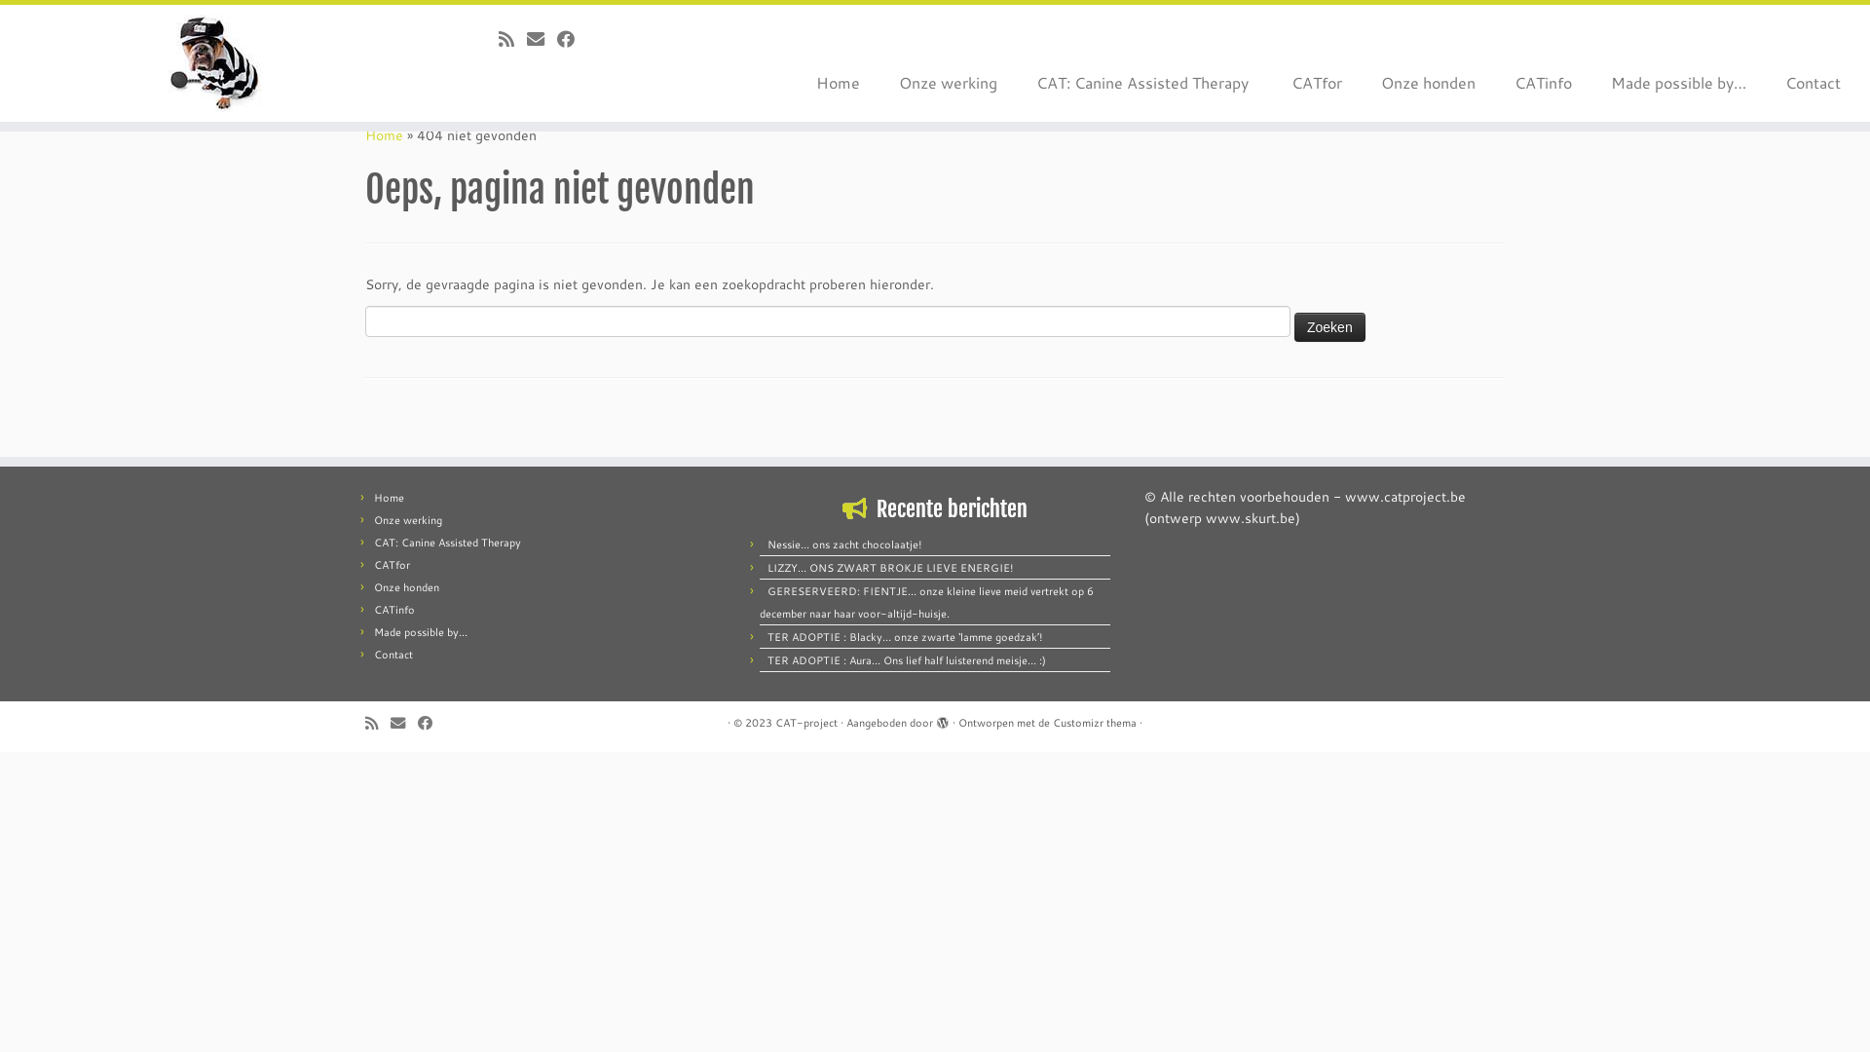 The width and height of the screenshot is (1870, 1052). What do you see at coordinates (374, 518) in the screenshot?
I see `'Onze werking'` at bounding box center [374, 518].